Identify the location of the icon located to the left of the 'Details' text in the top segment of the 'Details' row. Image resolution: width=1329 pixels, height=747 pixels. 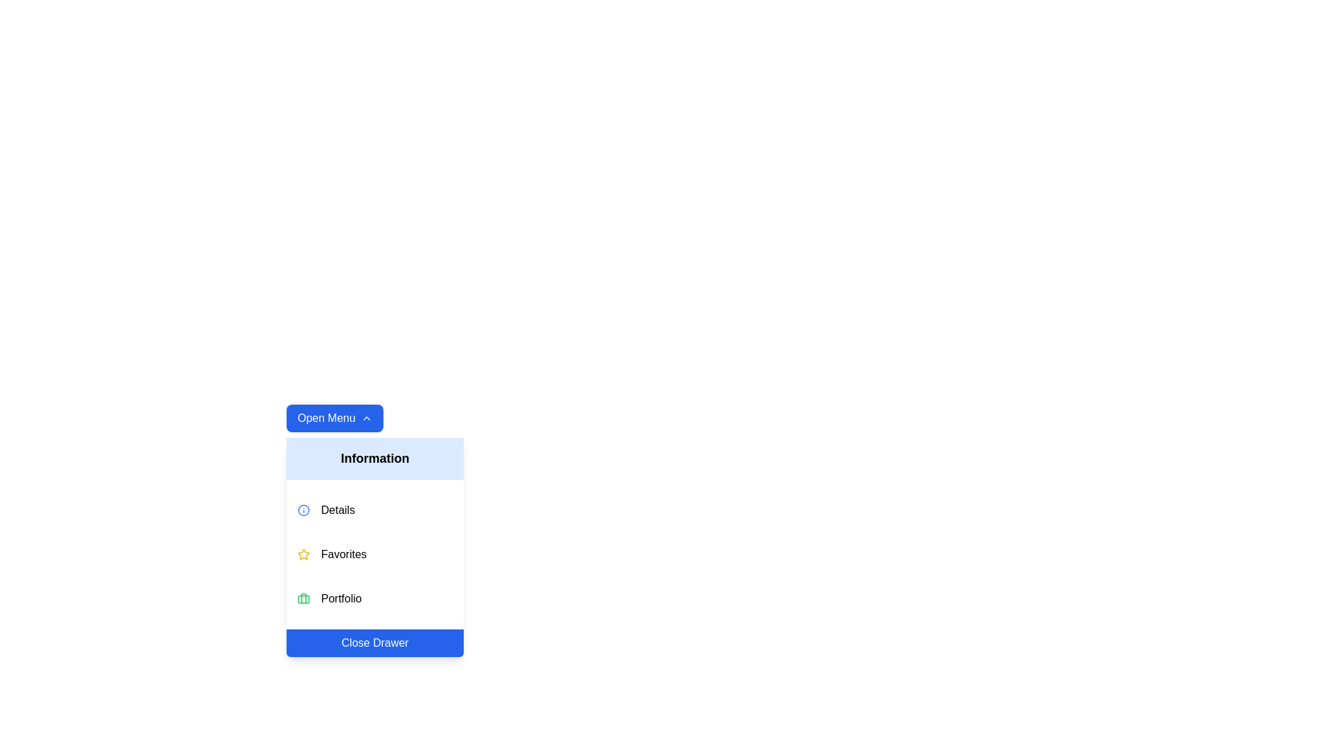
(302, 510).